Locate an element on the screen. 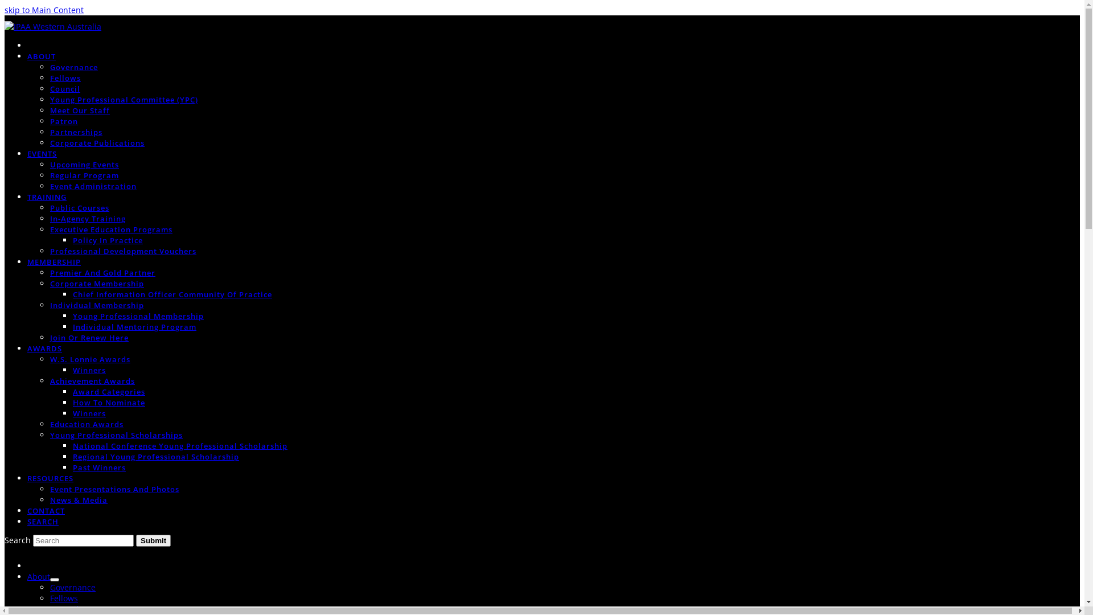 The image size is (1093, 615). 'Regular Program' is located at coordinates (49, 175).